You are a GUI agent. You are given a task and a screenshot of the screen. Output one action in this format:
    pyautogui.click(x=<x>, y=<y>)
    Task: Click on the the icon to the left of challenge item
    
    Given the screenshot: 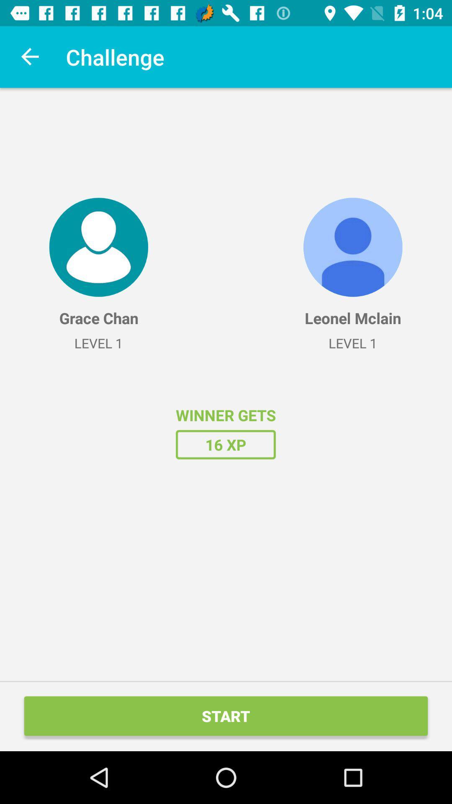 What is the action you would take?
    pyautogui.click(x=30, y=57)
    